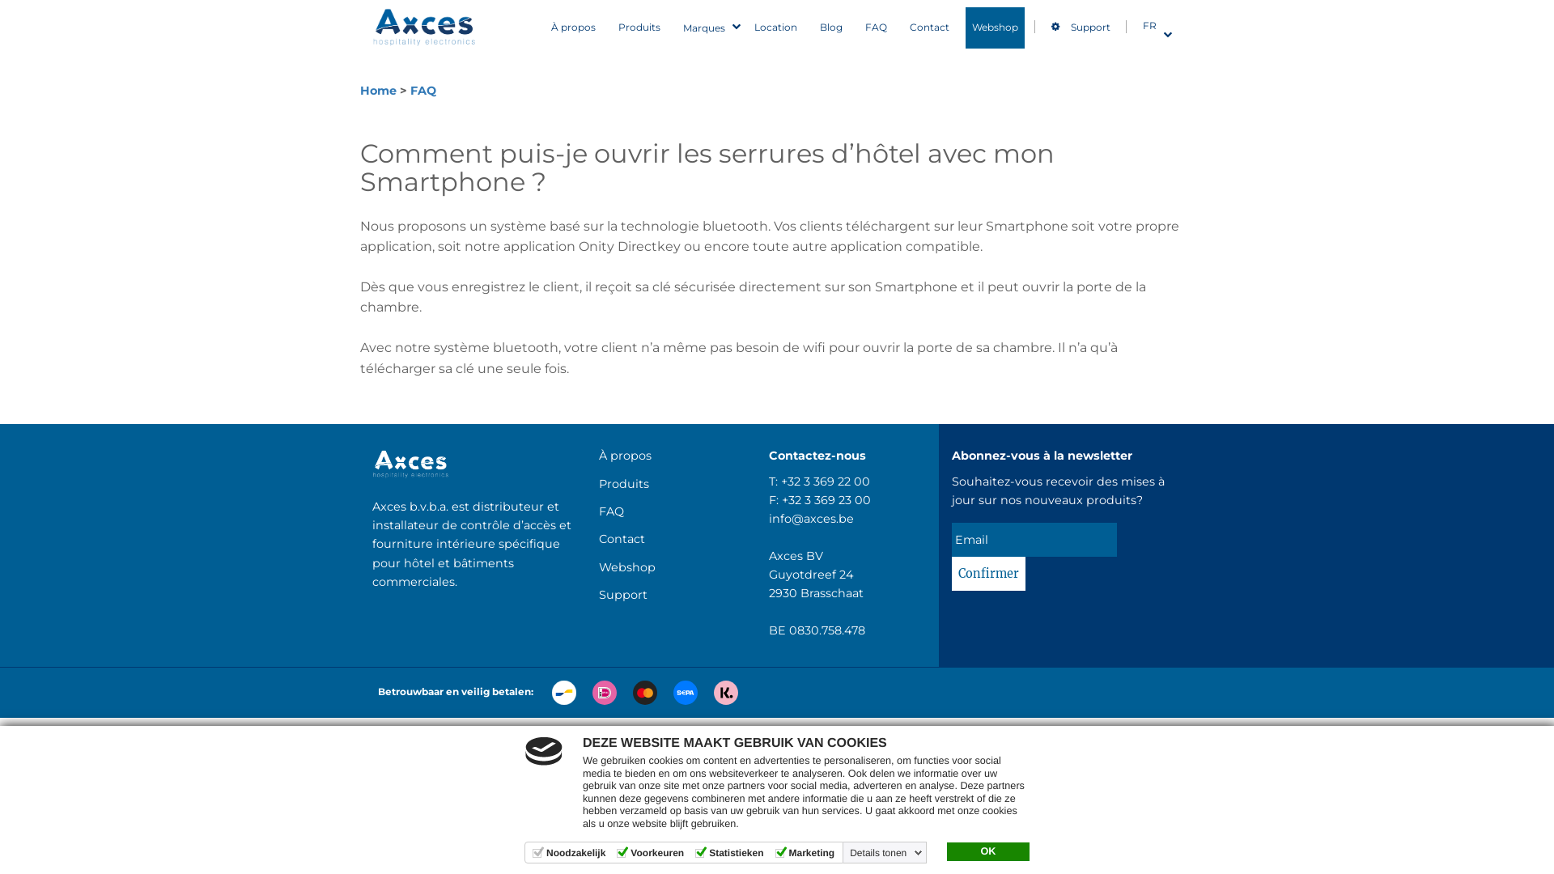 The image size is (1554, 874). What do you see at coordinates (424, 28) in the screenshot?
I see `'Axces'` at bounding box center [424, 28].